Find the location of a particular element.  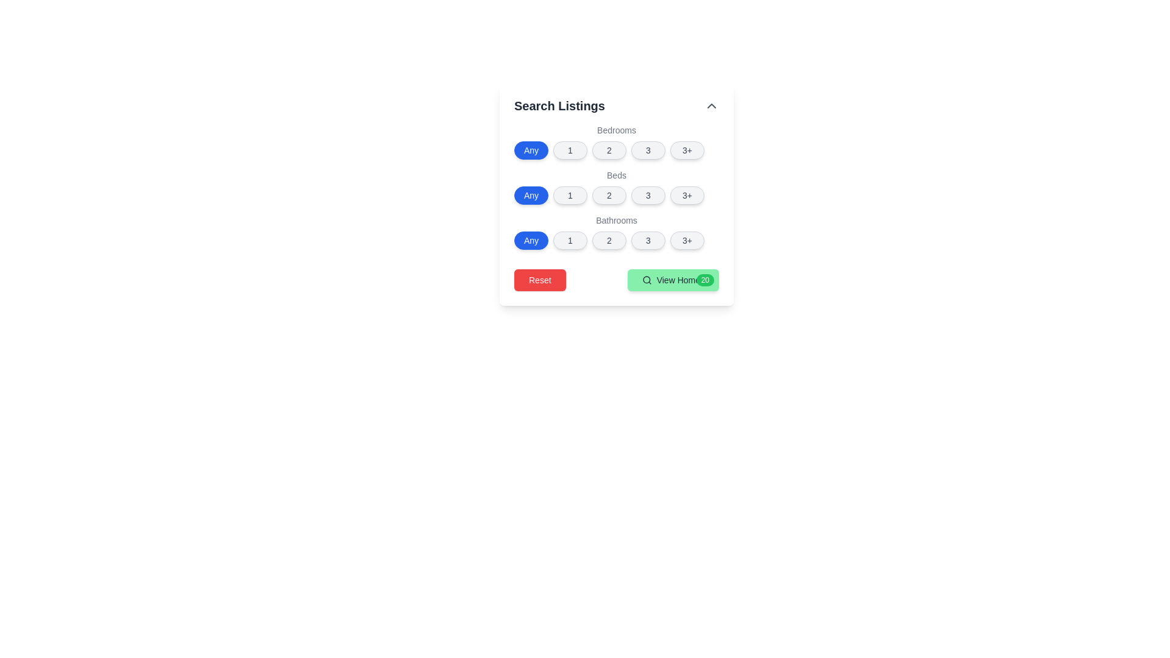

the '2' button for the 'Beds' filter located in the third position of the horizontal series of buttons labeled 'Beds.' is located at coordinates (609, 194).